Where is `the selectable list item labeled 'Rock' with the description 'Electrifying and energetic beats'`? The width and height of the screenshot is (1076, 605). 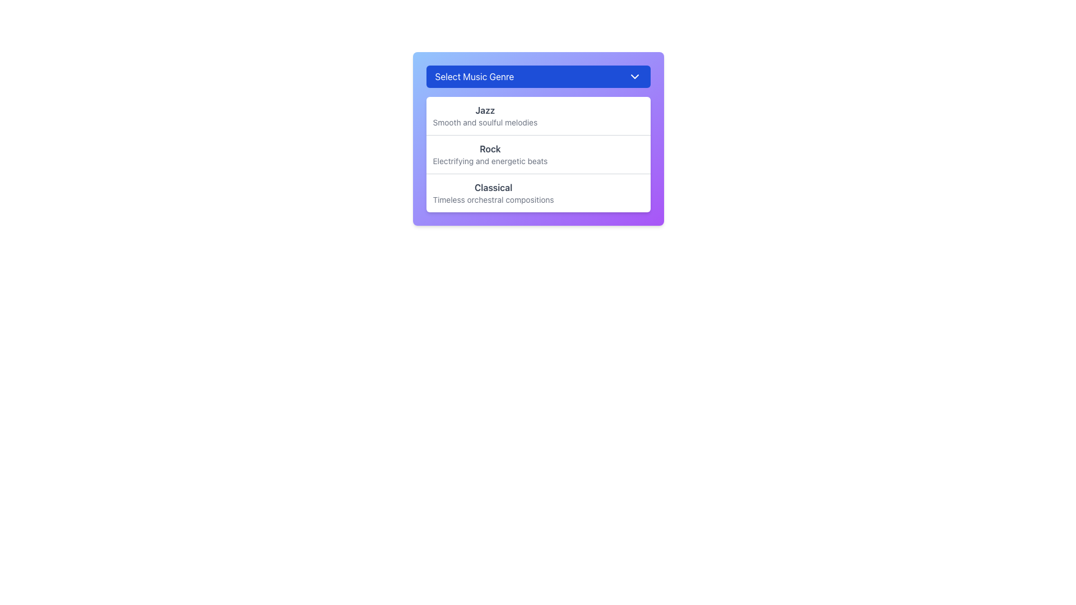
the selectable list item labeled 'Rock' with the description 'Electrifying and energetic beats' is located at coordinates (538, 155).